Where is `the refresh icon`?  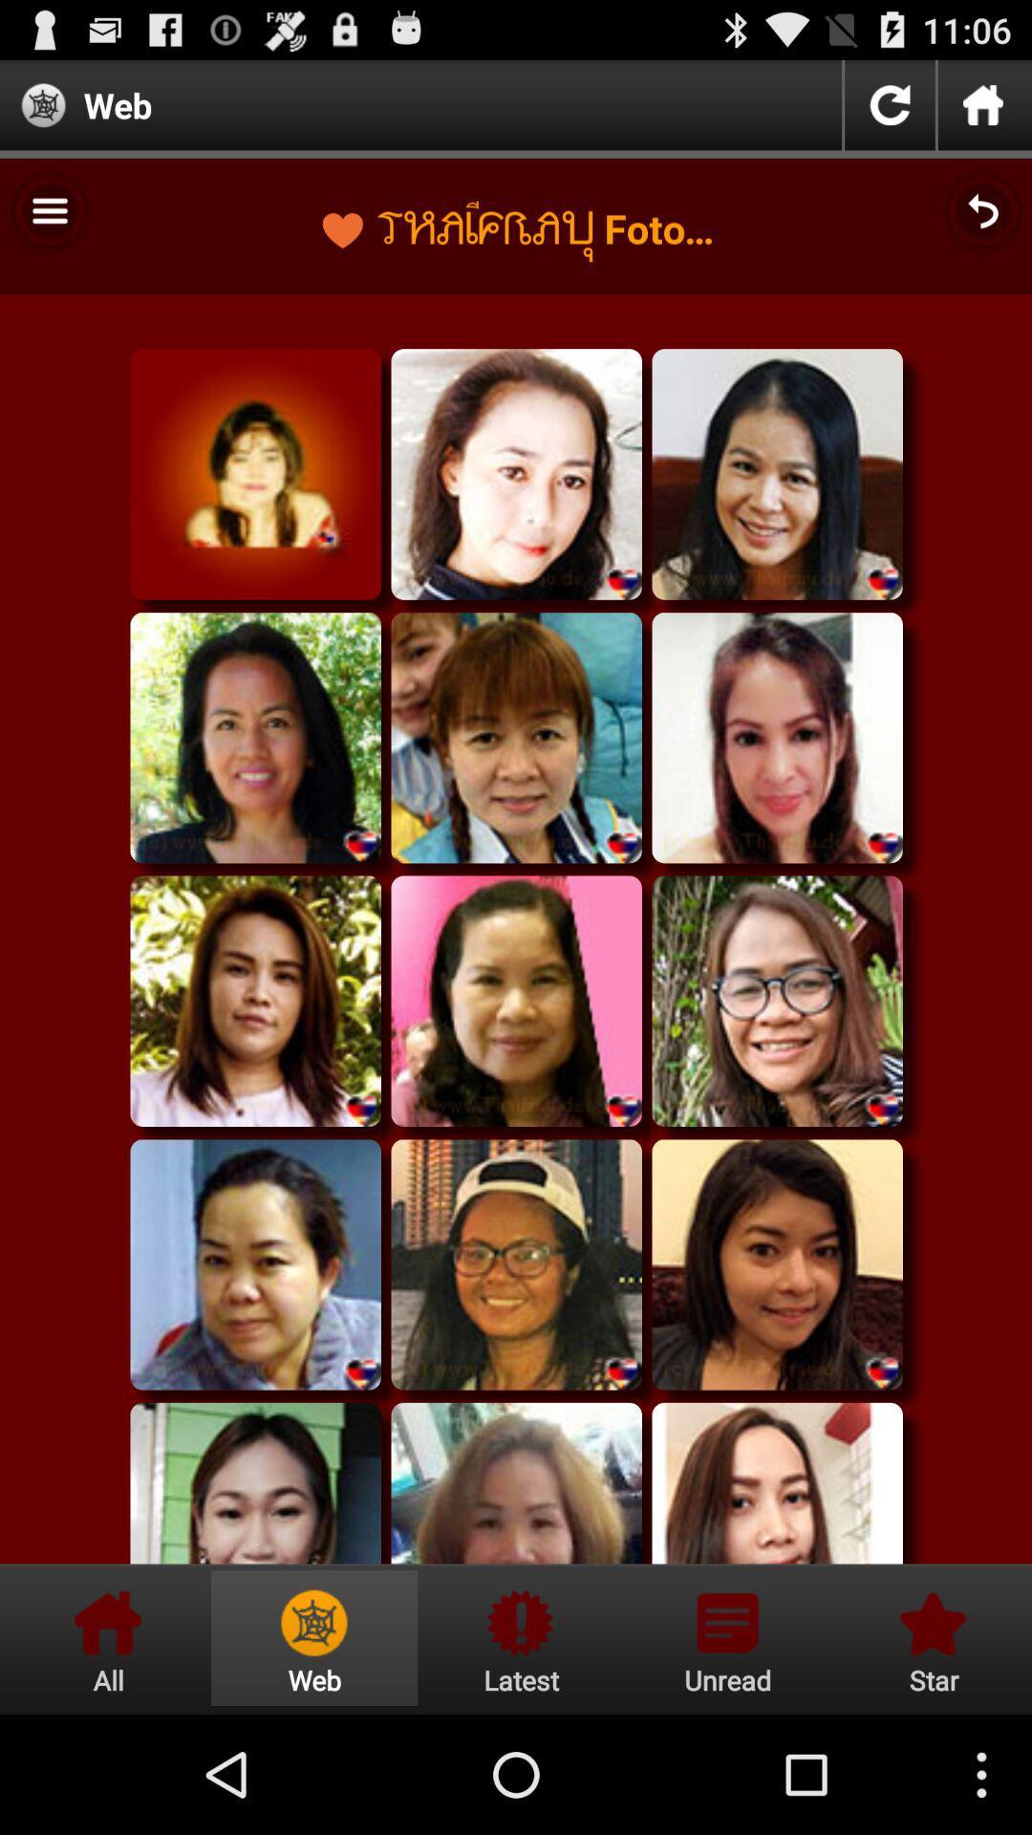 the refresh icon is located at coordinates (890, 112).